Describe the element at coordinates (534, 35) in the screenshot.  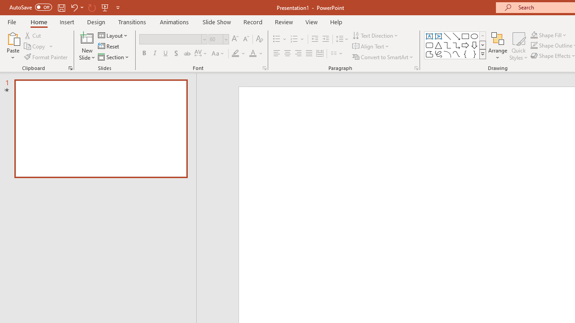
I see `'Shape Fill Orange, Accent 2'` at that location.